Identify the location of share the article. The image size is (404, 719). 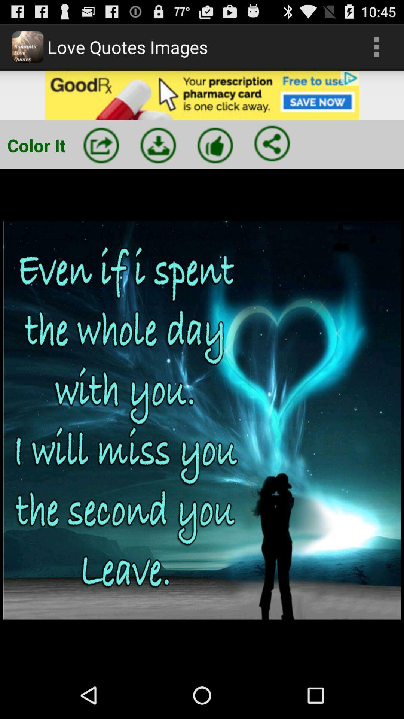
(272, 143).